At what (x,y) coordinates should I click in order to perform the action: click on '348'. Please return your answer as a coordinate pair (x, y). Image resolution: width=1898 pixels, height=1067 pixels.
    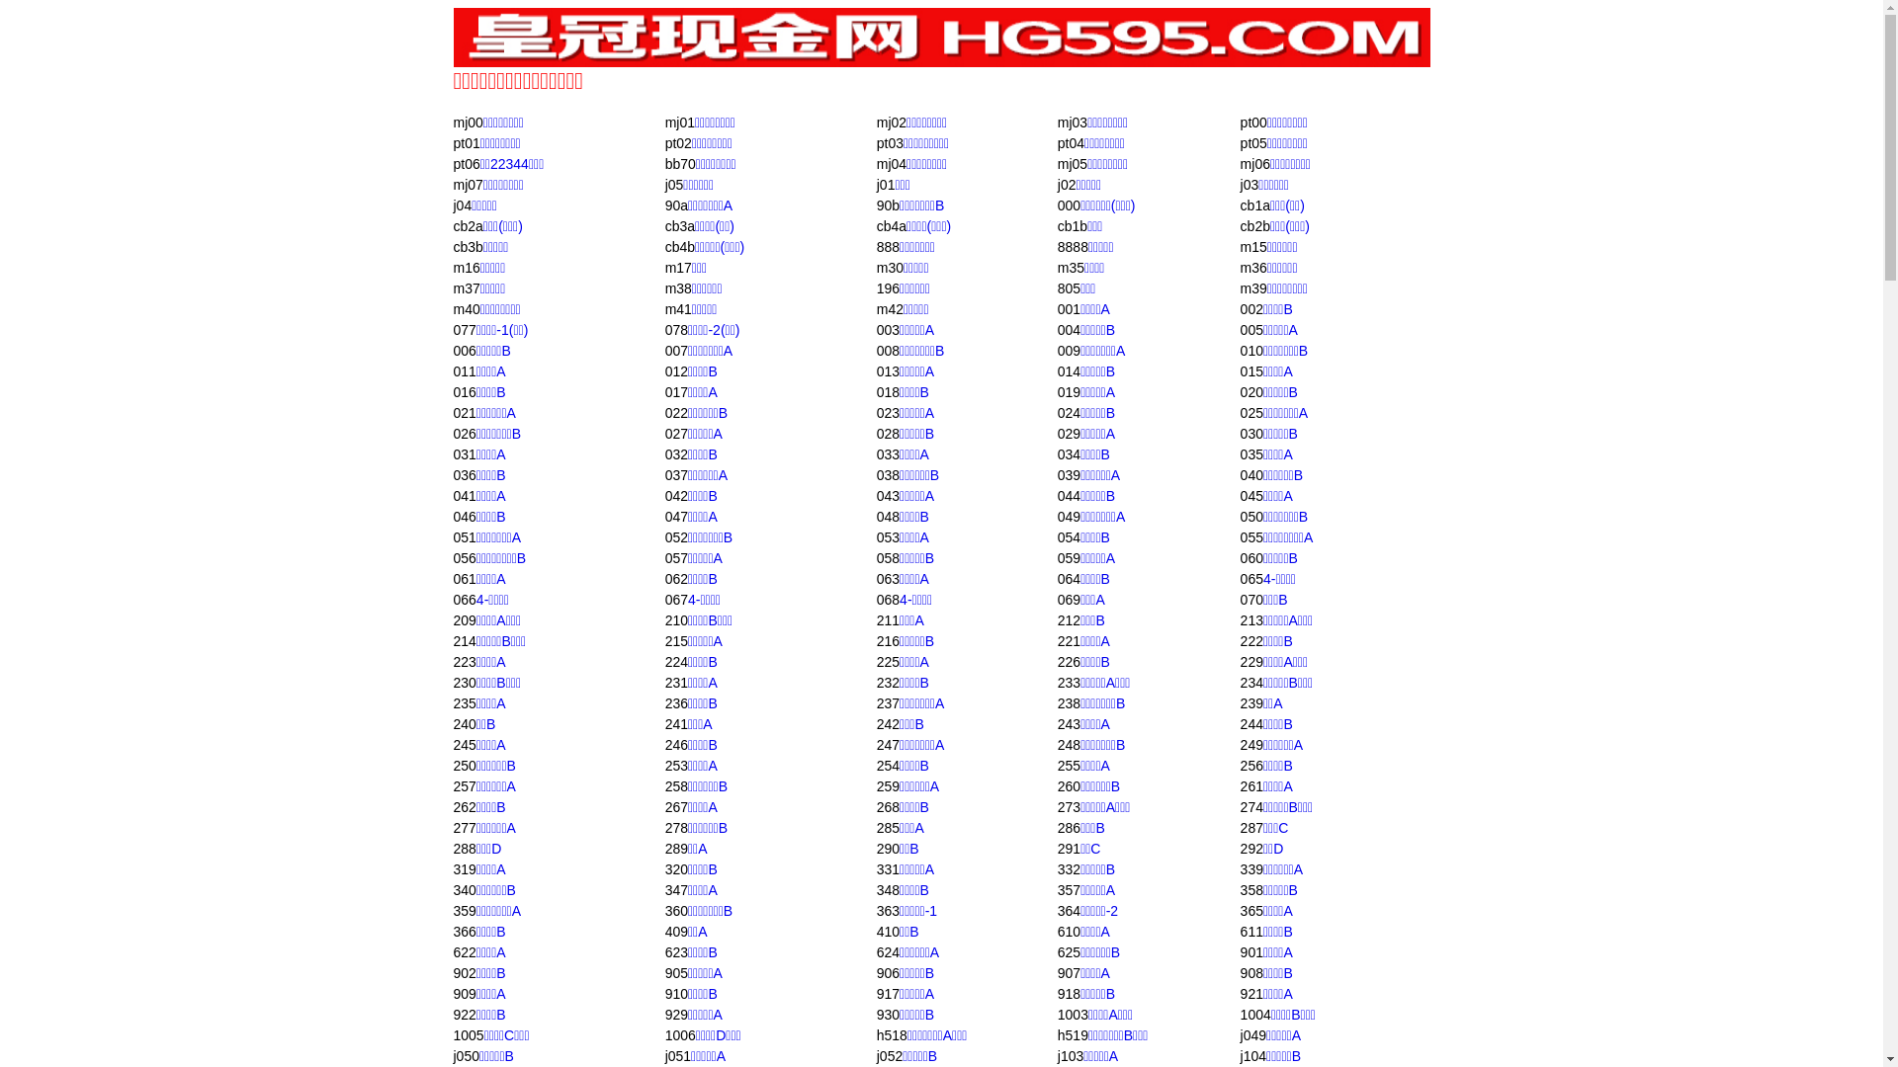
    Looking at the image, I should click on (887, 890).